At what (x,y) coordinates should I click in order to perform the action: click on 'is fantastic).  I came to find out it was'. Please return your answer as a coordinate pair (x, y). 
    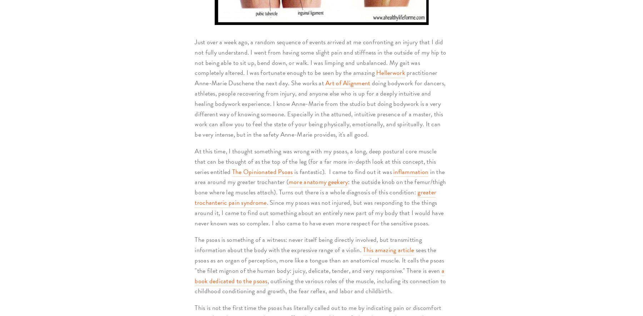
    Looking at the image, I should click on (342, 171).